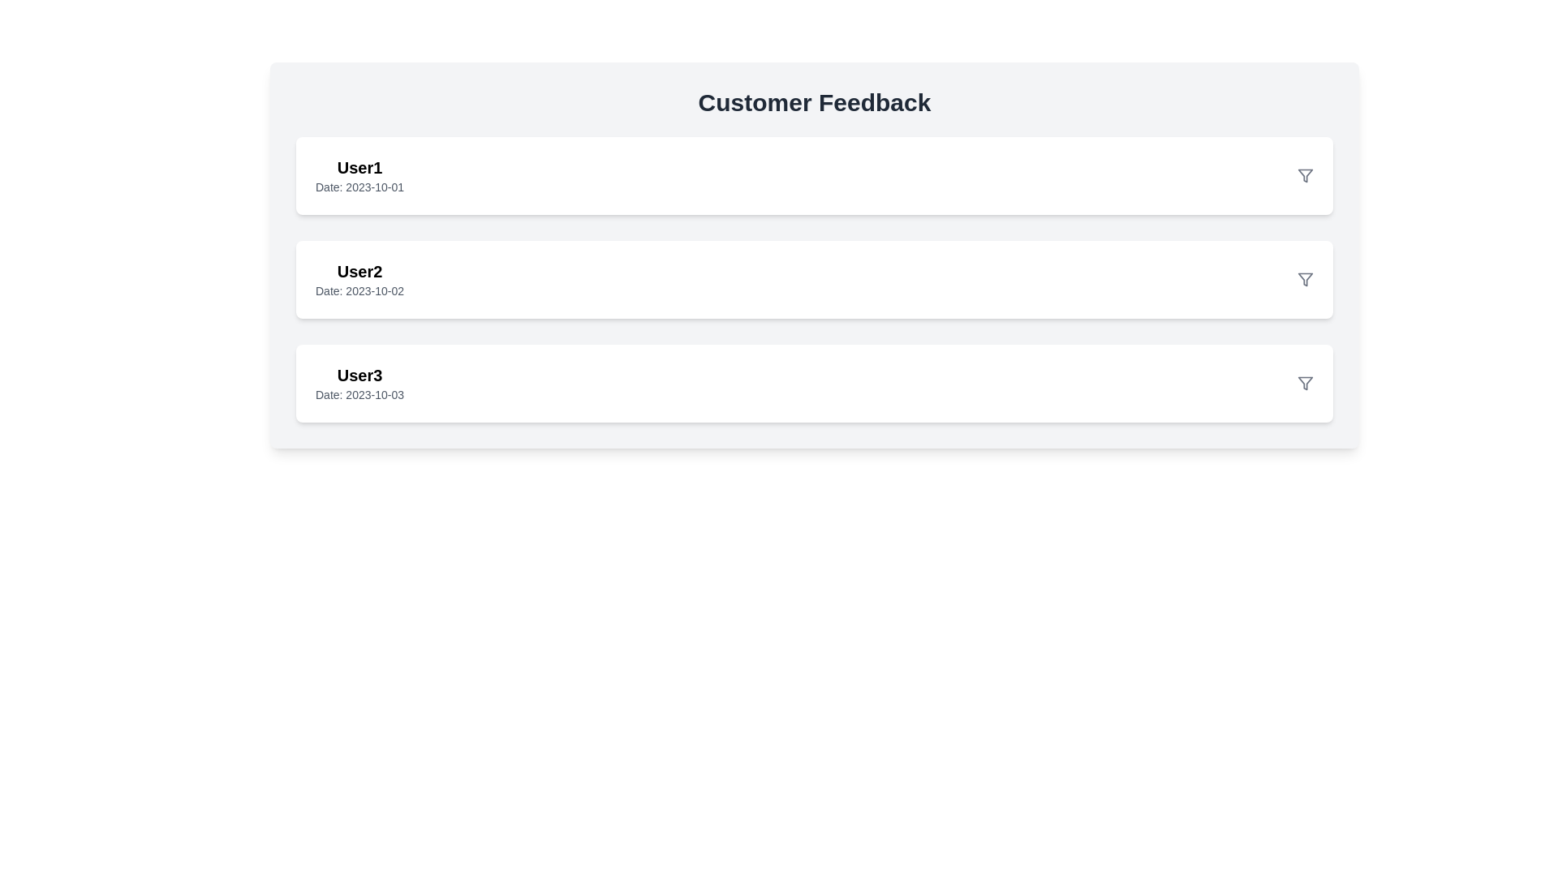 This screenshot has width=1558, height=876. Describe the element at coordinates (359, 187) in the screenshot. I see `the static text label that provides additional information about the user's date of activity, located below 'User1' within the user item card` at that location.